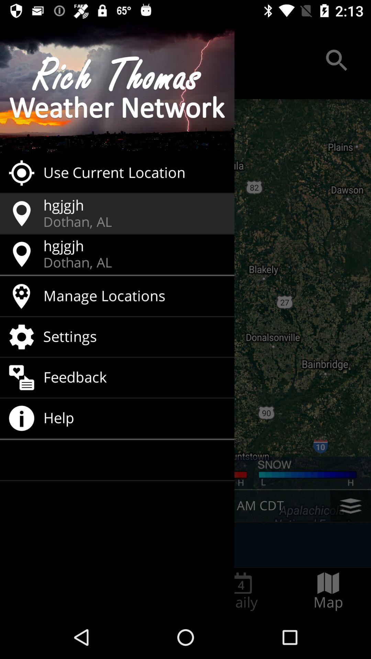  What do you see at coordinates (350, 506) in the screenshot?
I see `the layers icon` at bounding box center [350, 506].